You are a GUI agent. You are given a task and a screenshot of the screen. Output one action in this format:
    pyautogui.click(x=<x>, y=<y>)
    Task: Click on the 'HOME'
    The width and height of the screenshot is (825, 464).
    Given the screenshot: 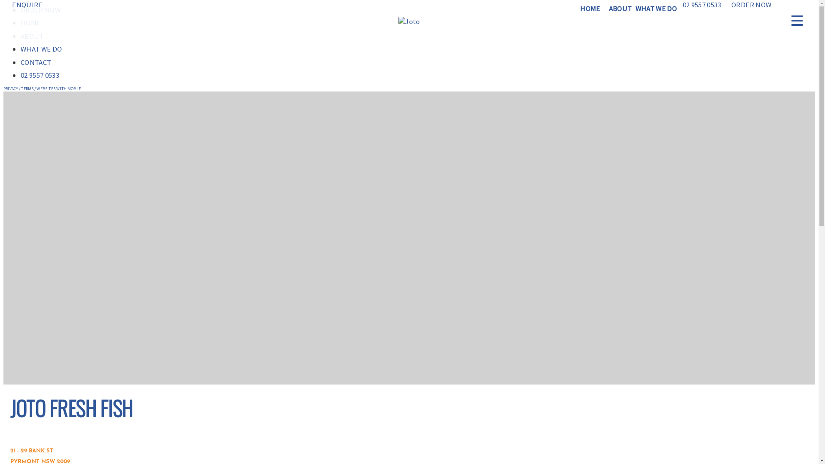 What is the action you would take?
    pyautogui.click(x=31, y=22)
    